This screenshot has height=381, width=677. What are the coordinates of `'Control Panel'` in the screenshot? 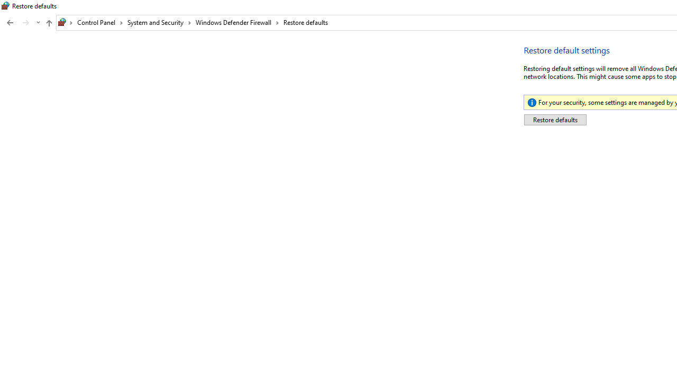 It's located at (100, 22).